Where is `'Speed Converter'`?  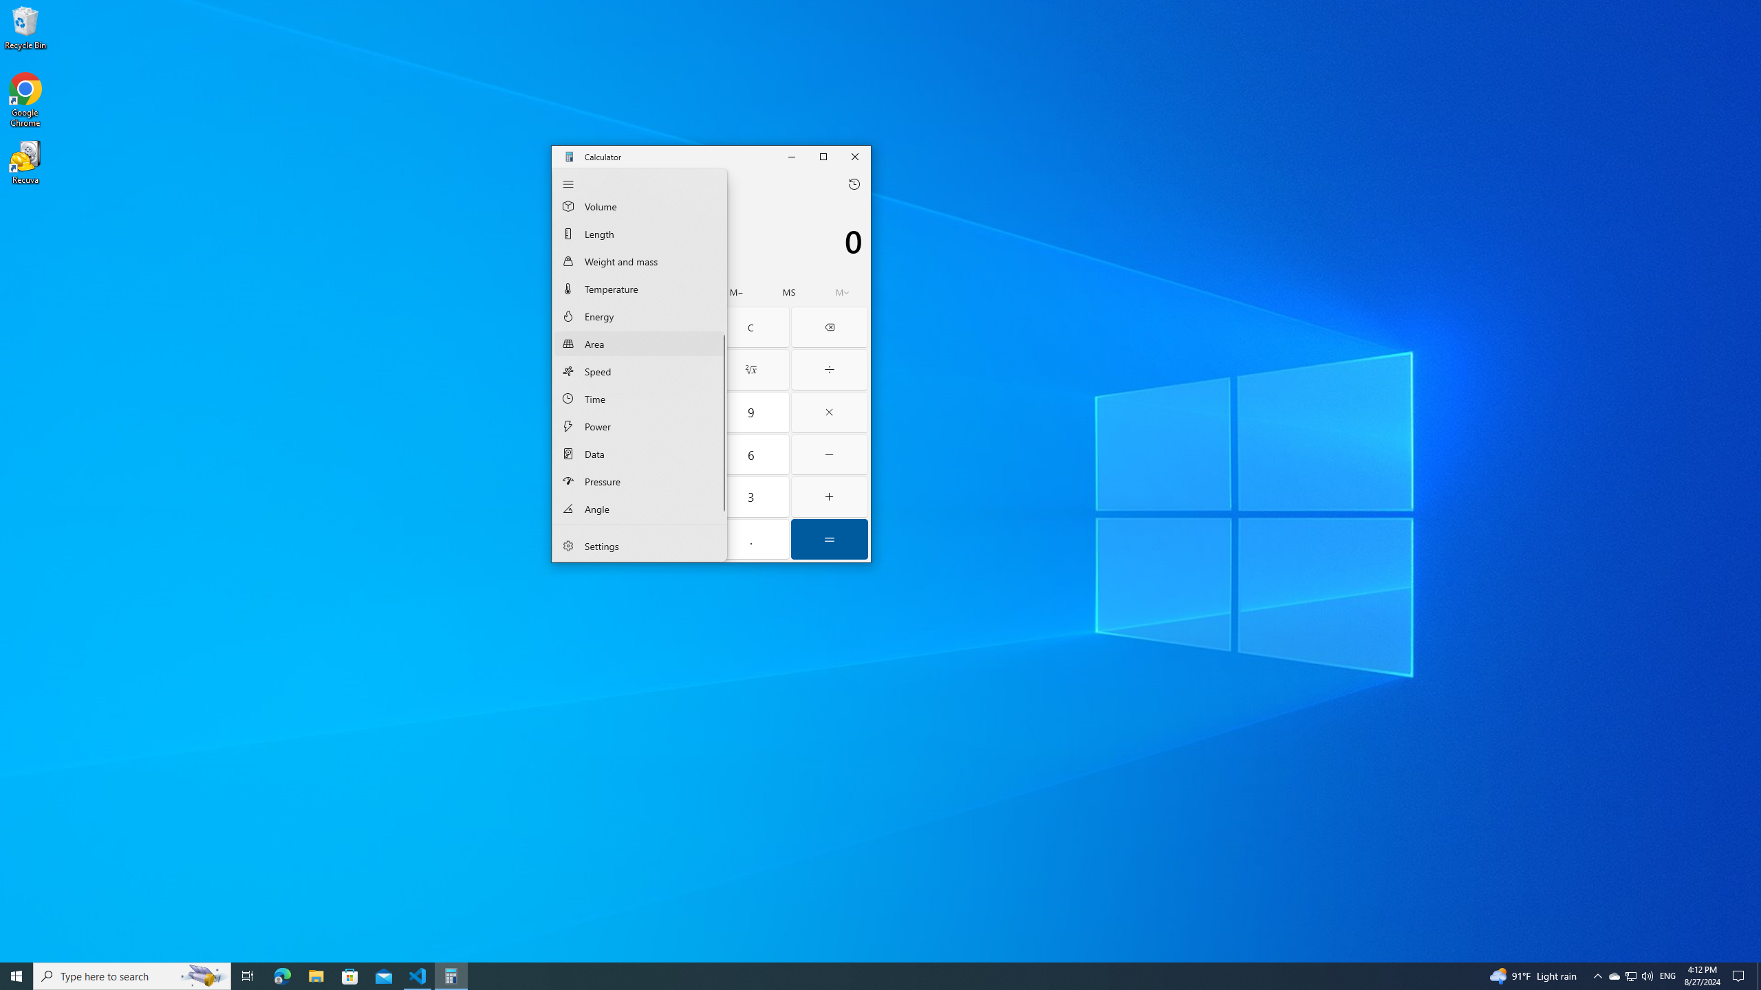
'Speed Converter' is located at coordinates (639, 371).